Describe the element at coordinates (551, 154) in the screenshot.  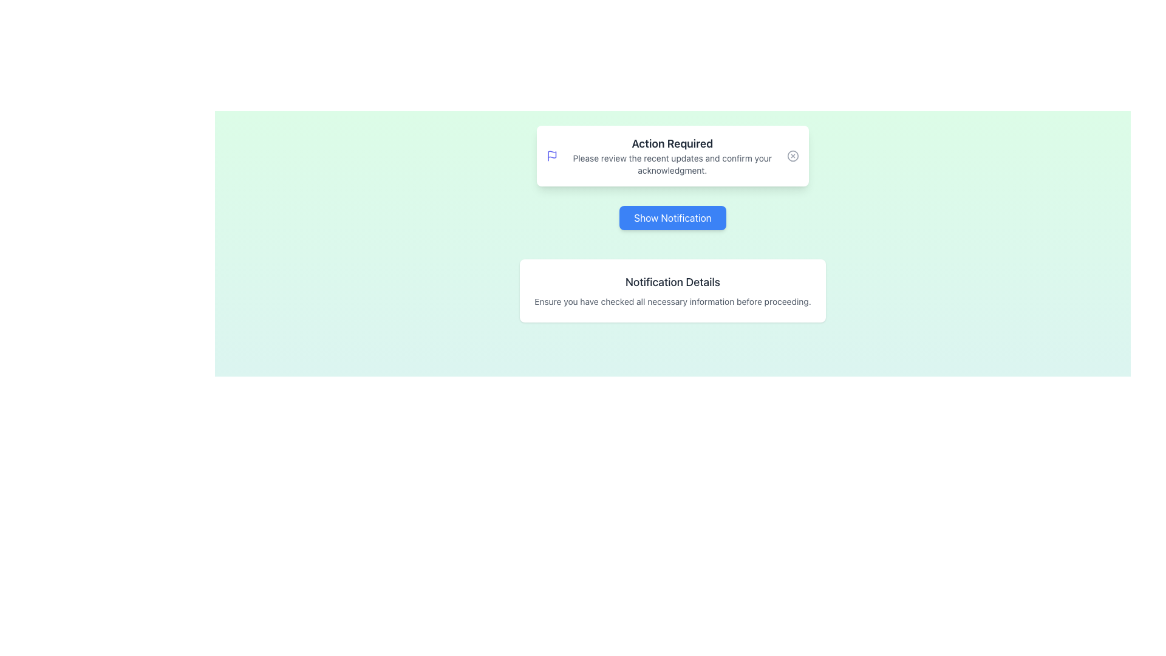
I see `the small red-colored flag icon located at the top-left corner of the 'Action Required' notification card` at that location.